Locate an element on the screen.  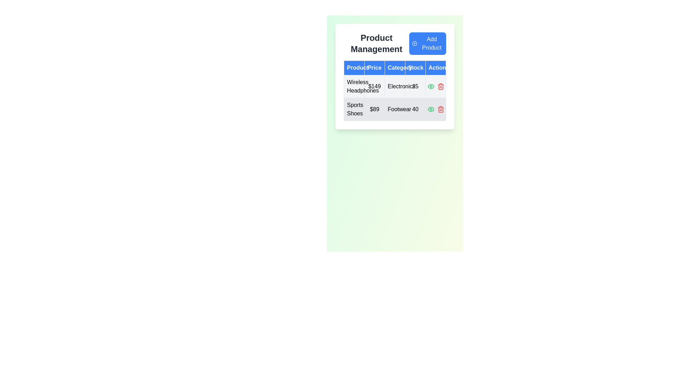
the 'Stock' header label in the tabular interface, which is the fourth element in a row of five headers: 'Product', 'Price', 'Category', 'Stock', and 'Actions' is located at coordinates (415, 68).